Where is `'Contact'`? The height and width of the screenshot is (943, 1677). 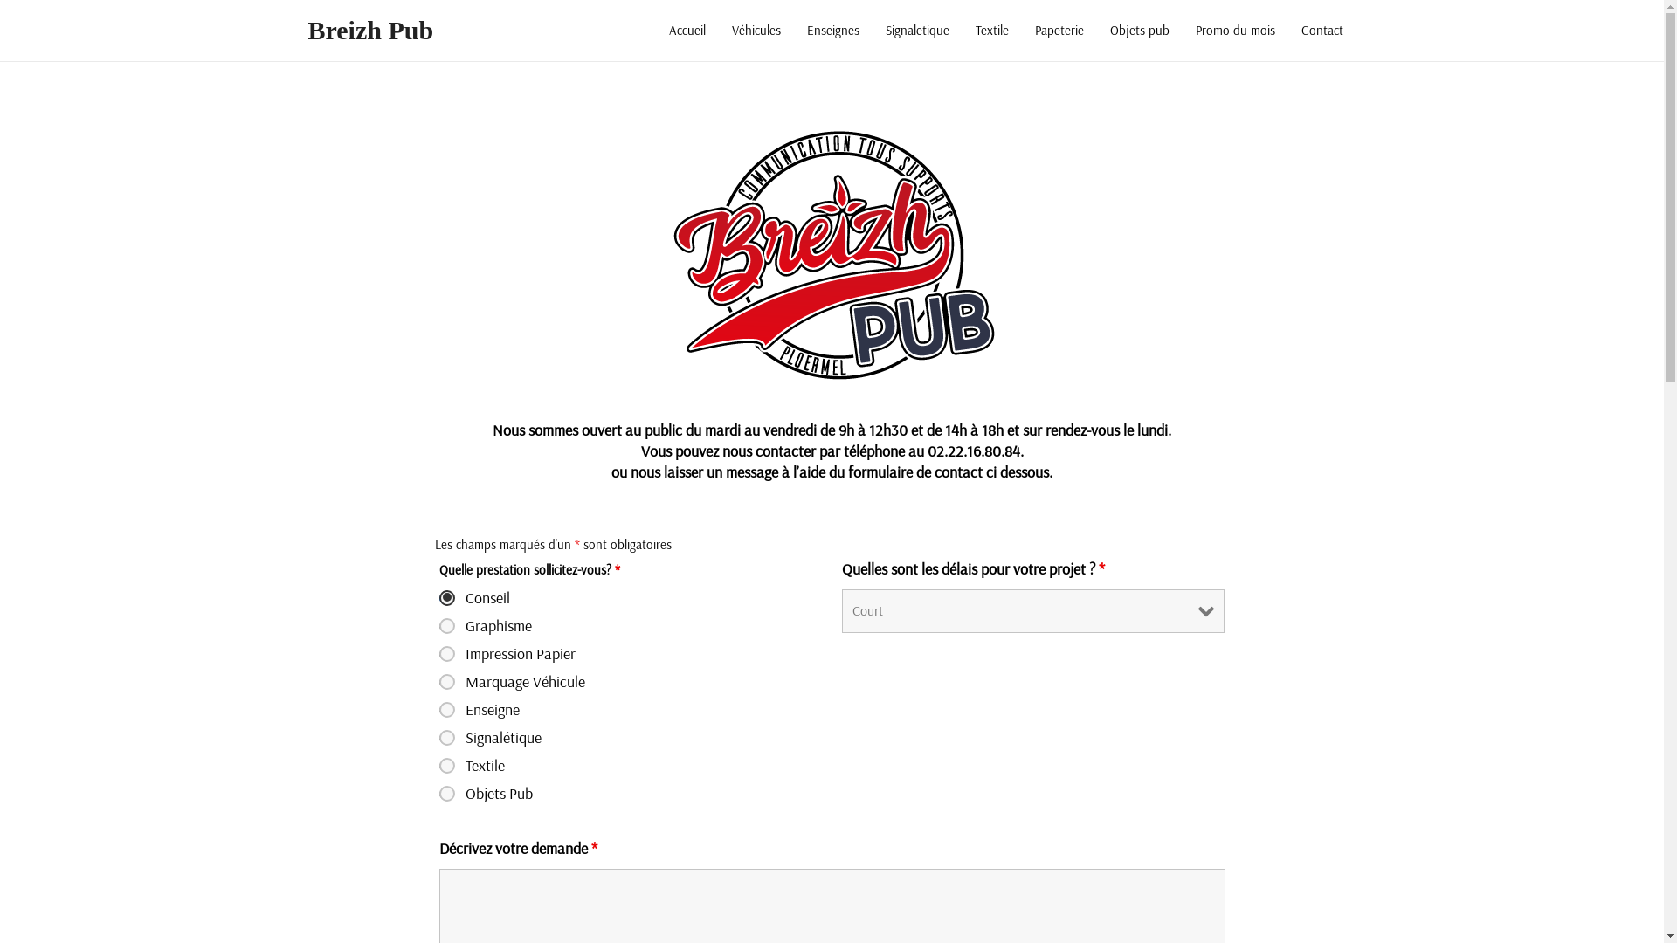 'Contact' is located at coordinates (1321, 30).